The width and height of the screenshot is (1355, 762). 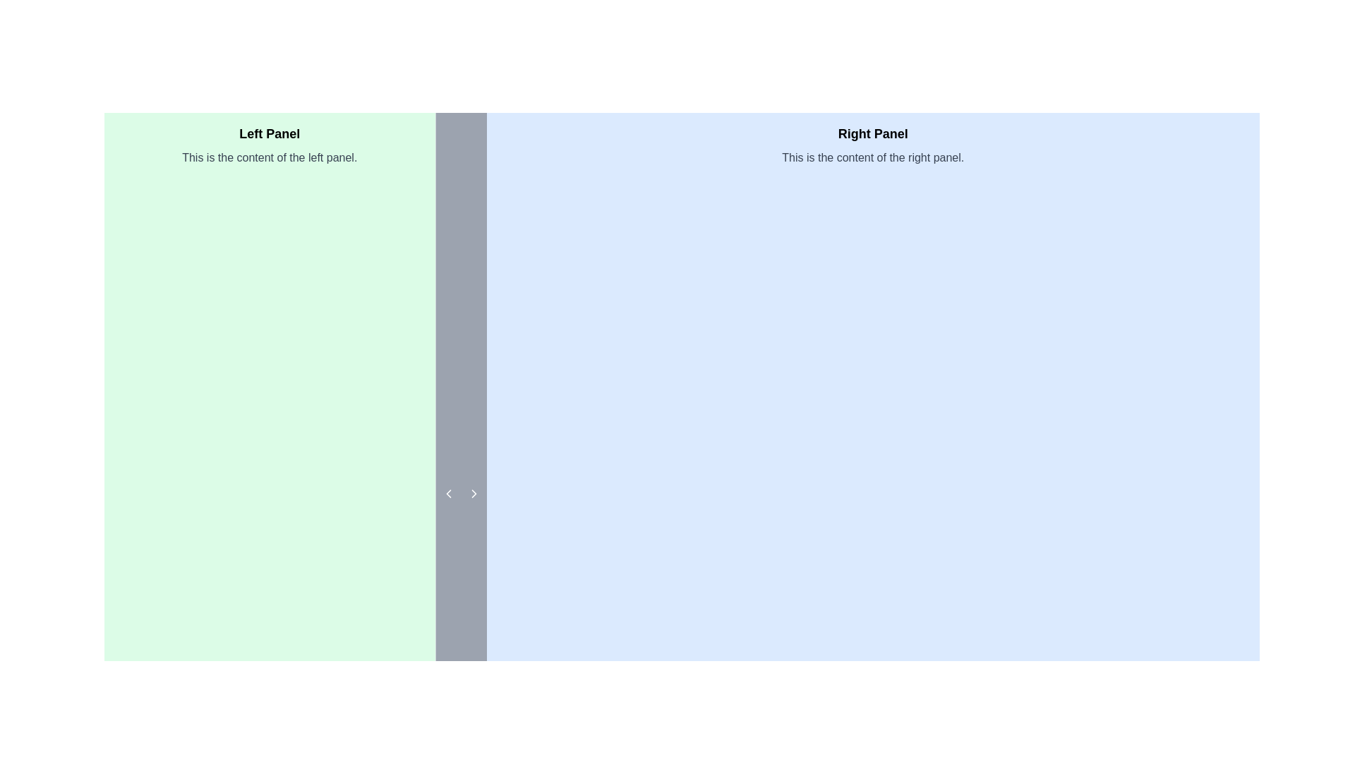 I want to click on the right chevron icon in the vertical navigation bar, so click(x=474, y=492).